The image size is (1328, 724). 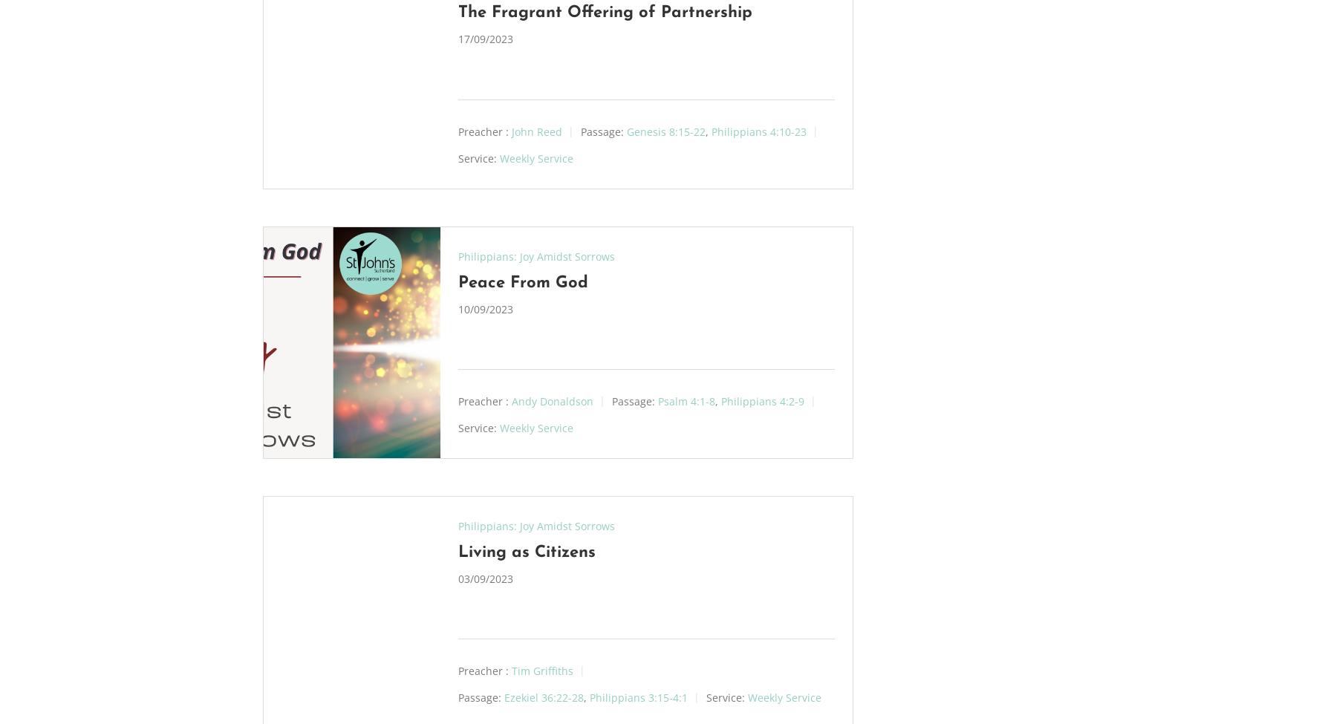 I want to click on '03/09/2023', so click(x=457, y=577).